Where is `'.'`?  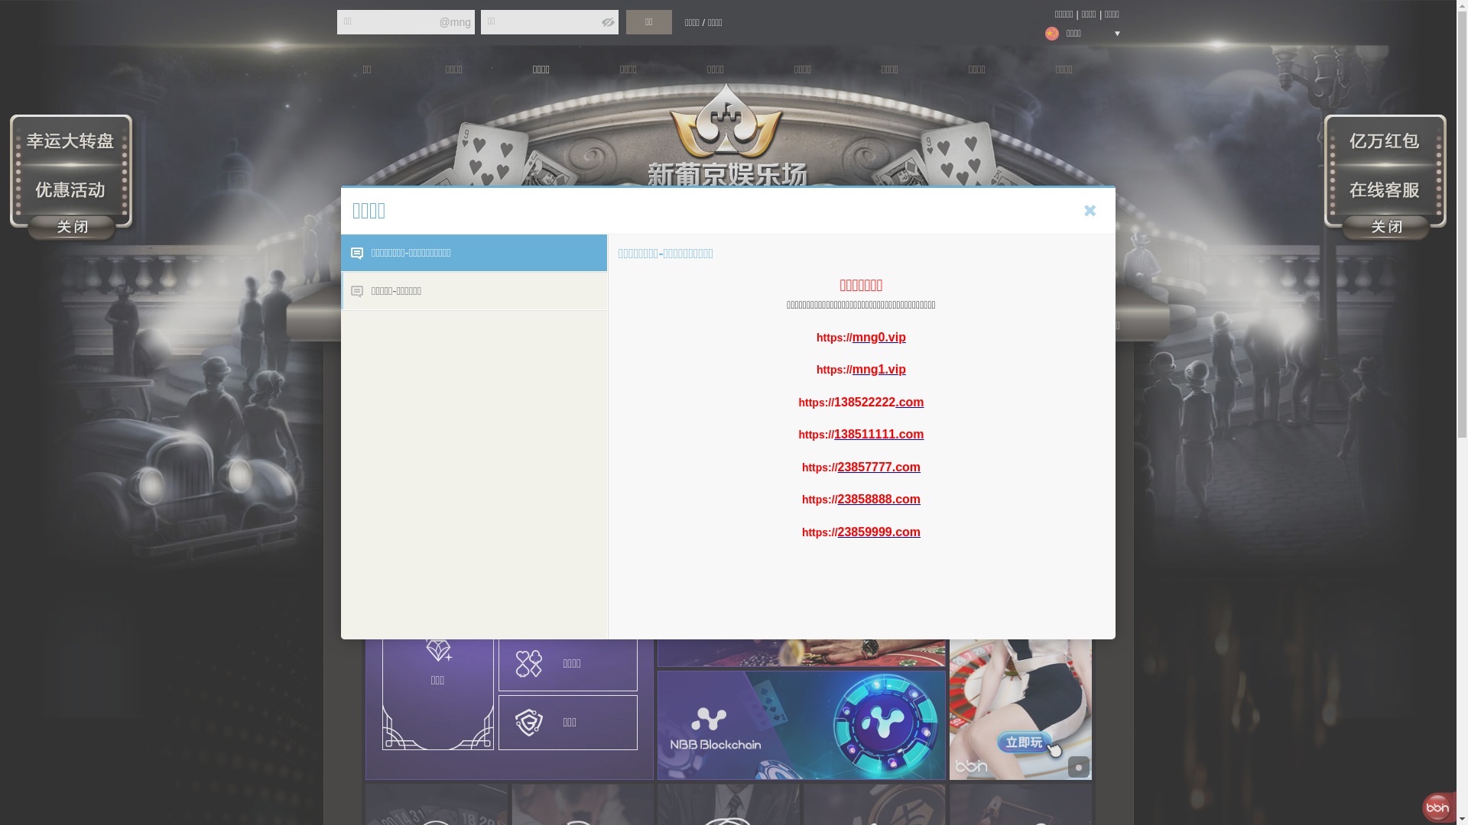
'.' is located at coordinates (885, 369).